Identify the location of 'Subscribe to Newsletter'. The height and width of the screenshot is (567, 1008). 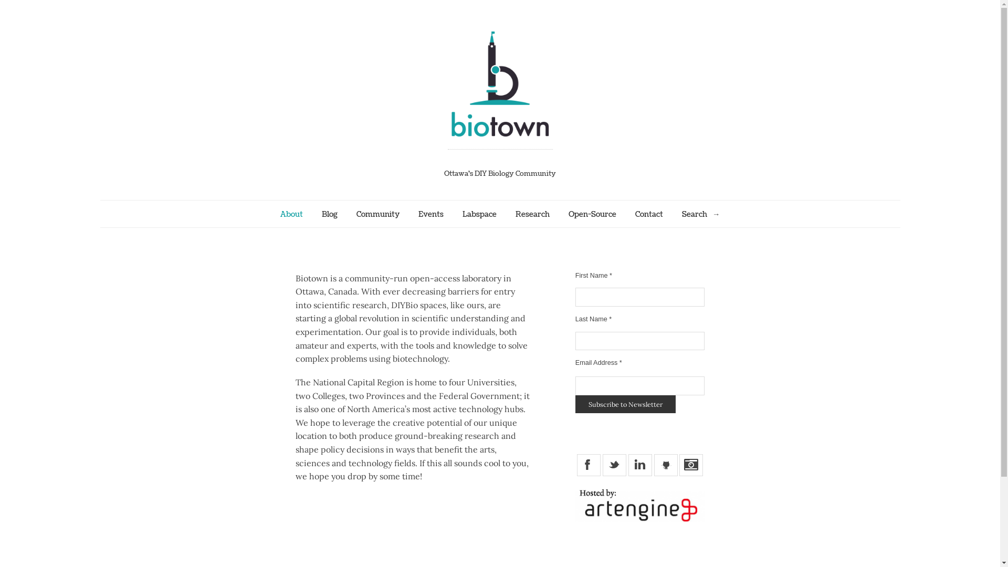
(574, 404).